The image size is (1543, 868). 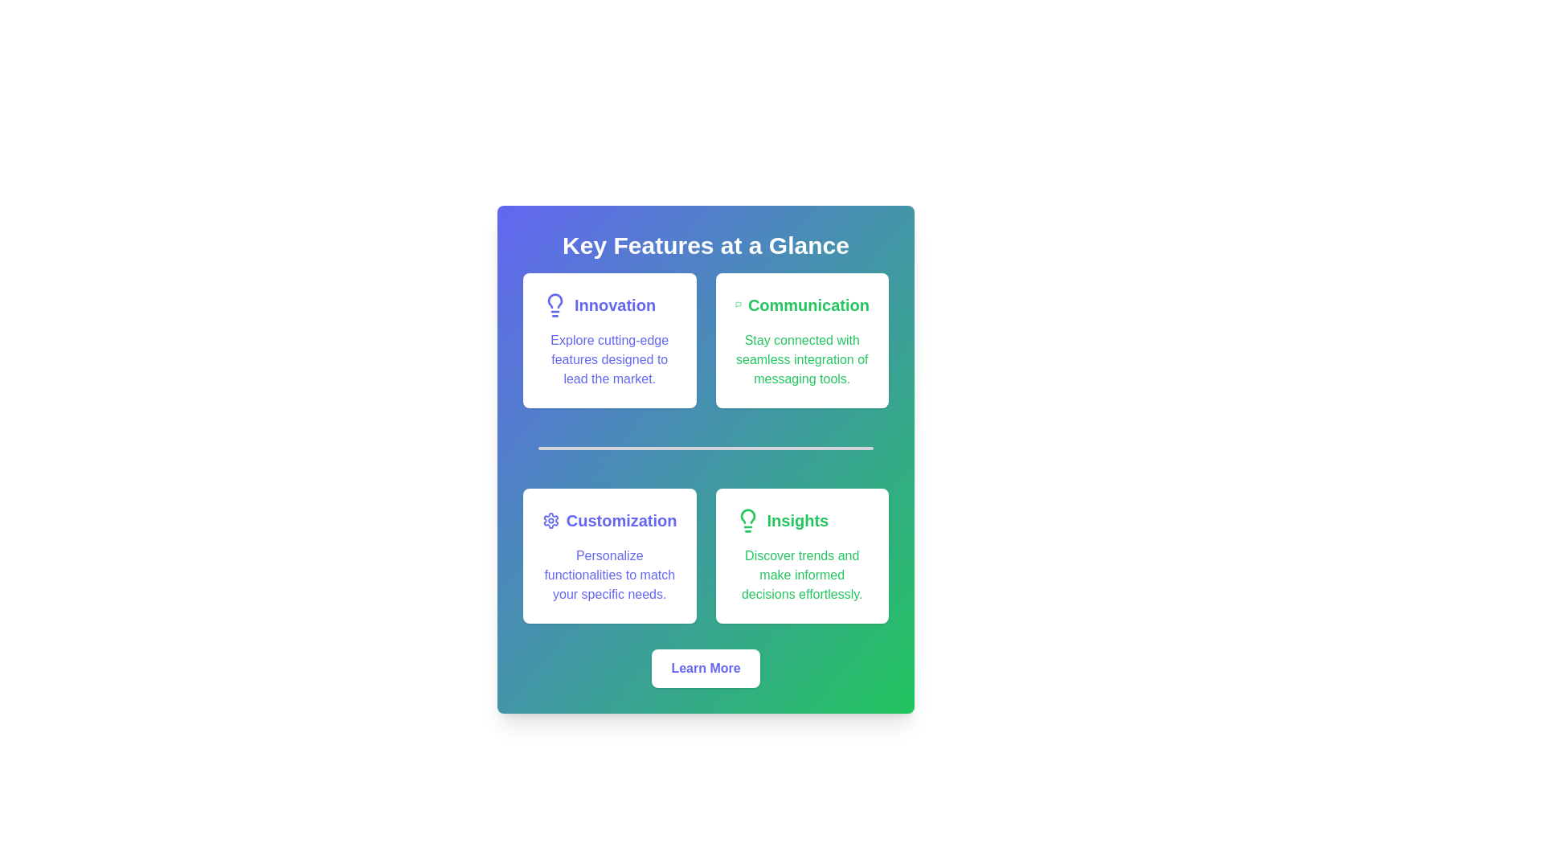 I want to click on the thin, light gray horizontal Separator bar located centrally between the 'Innovation' and 'Communication' cards and the 'Customization' and 'Insights' cards, so click(x=706, y=448).